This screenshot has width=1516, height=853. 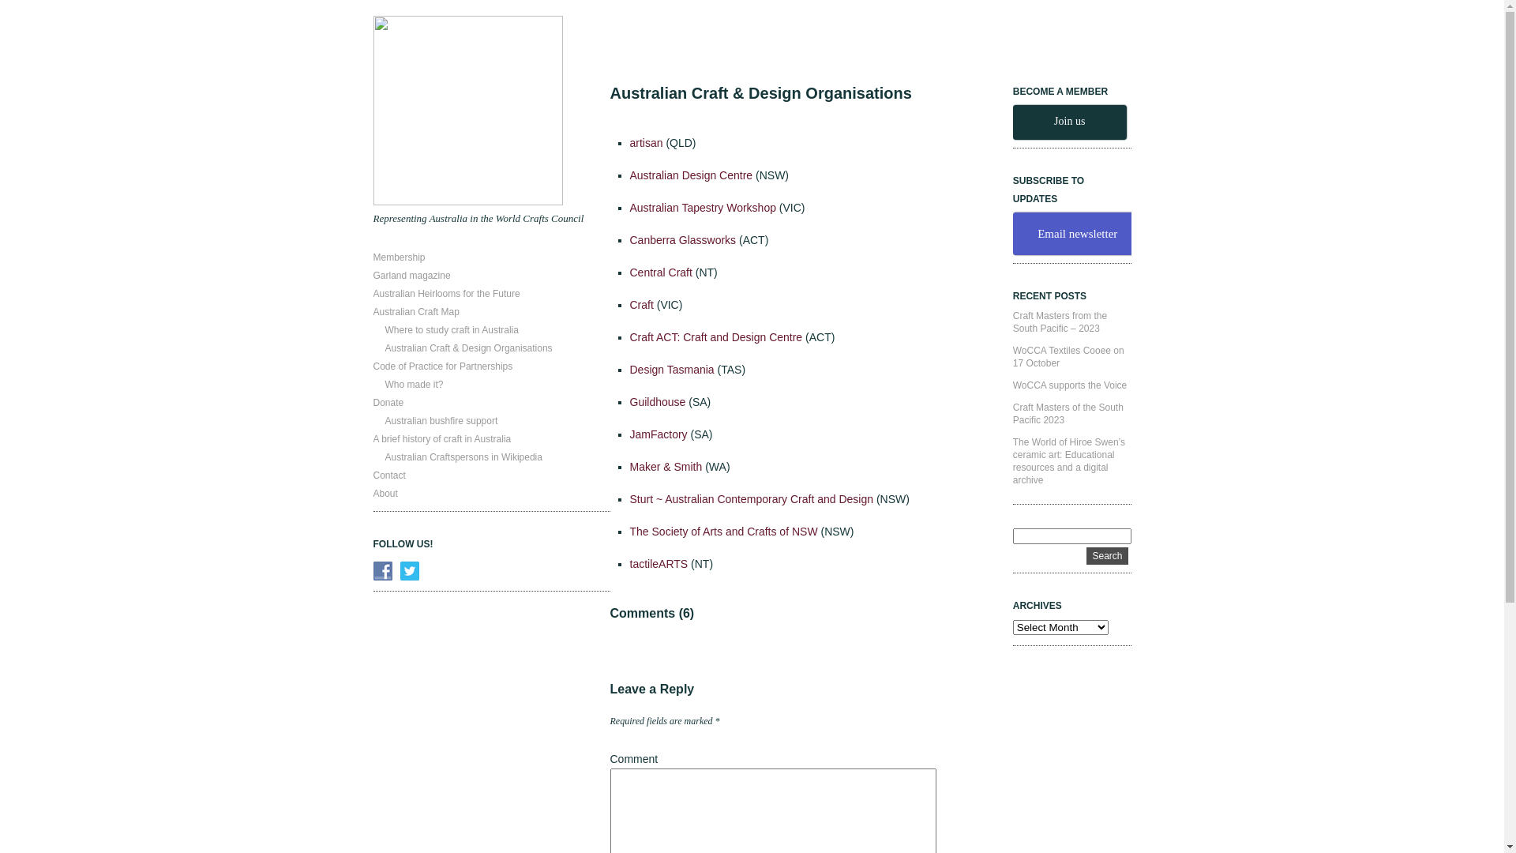 I want to click on 'Email newsletter', so click(x=1012, y=234).